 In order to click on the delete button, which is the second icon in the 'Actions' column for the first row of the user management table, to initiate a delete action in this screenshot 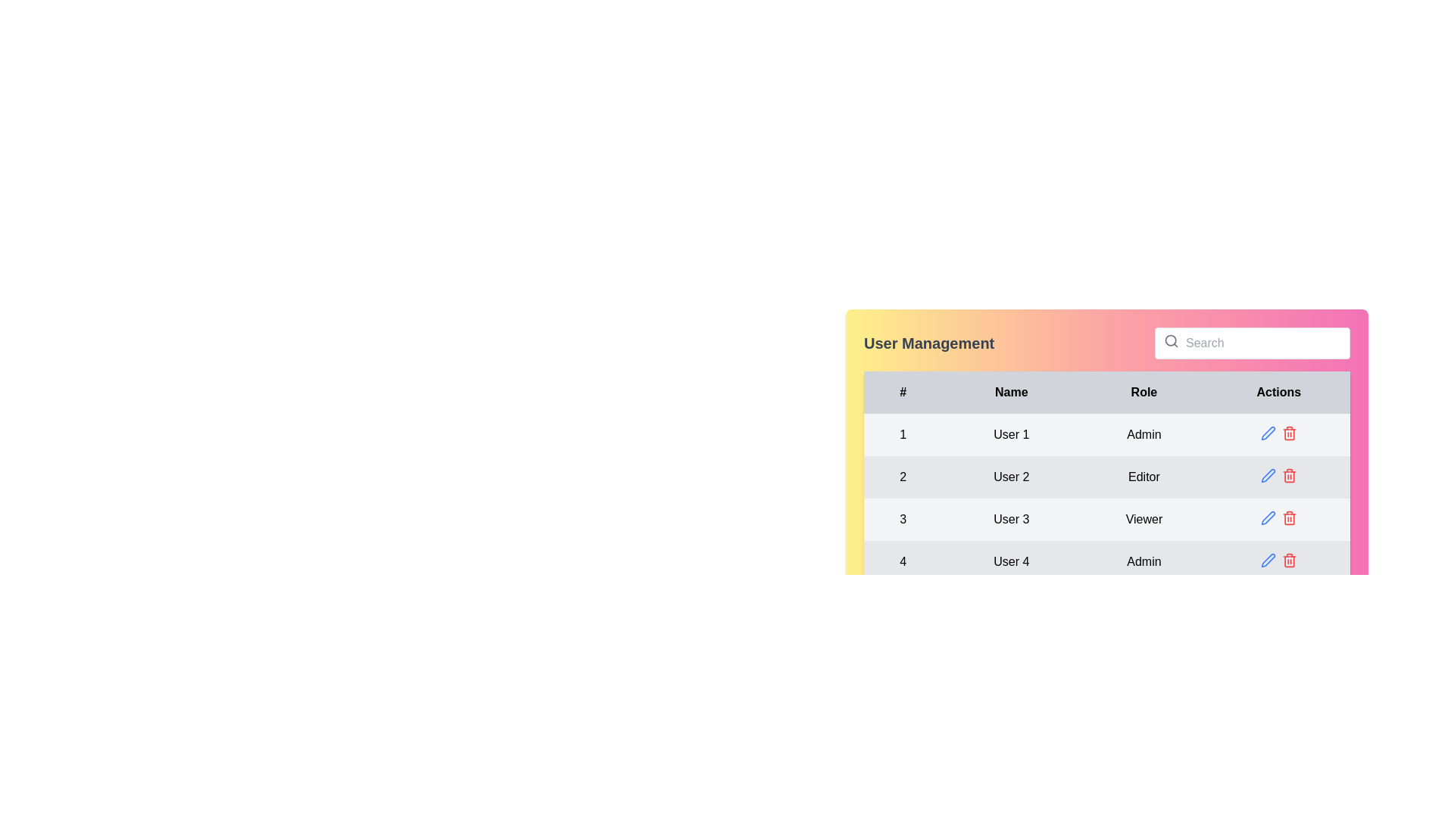, I will do `click(1288, 433)`.